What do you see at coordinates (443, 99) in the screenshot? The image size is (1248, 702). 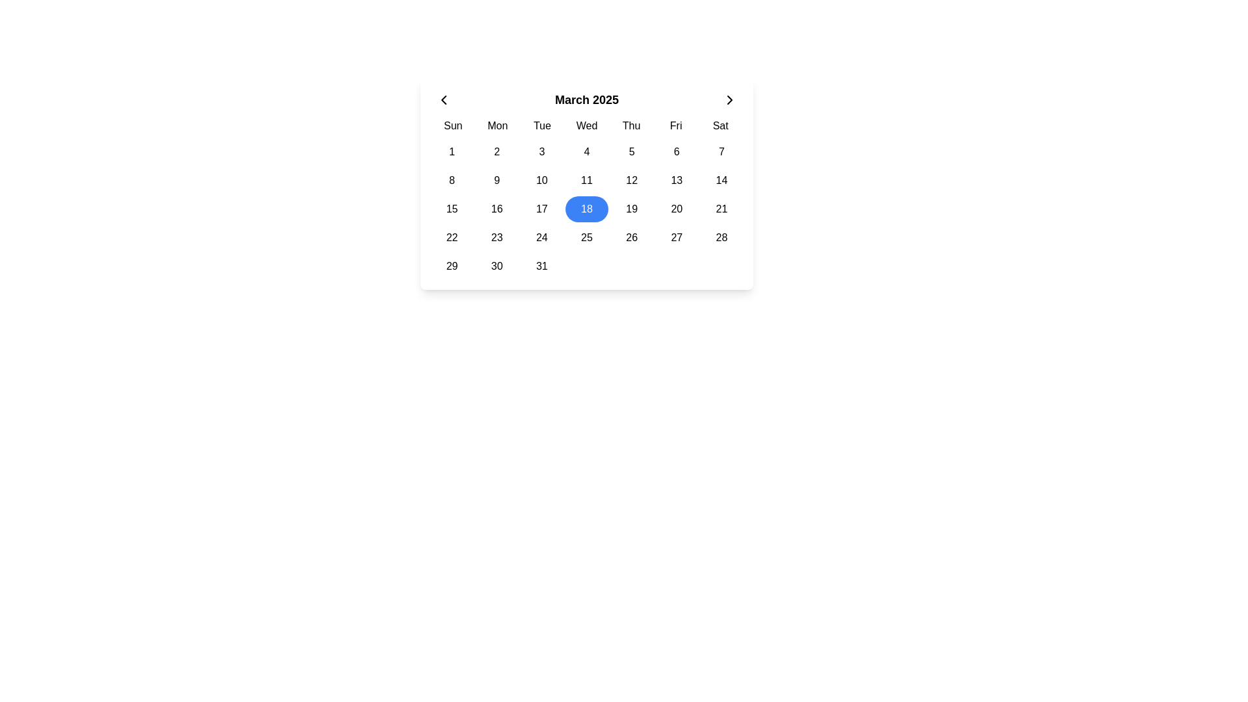 I see `the left-pointing chevron icon located to the left of the month title 'March 2025' in the calendar interface` at bounding box center [443, 99].